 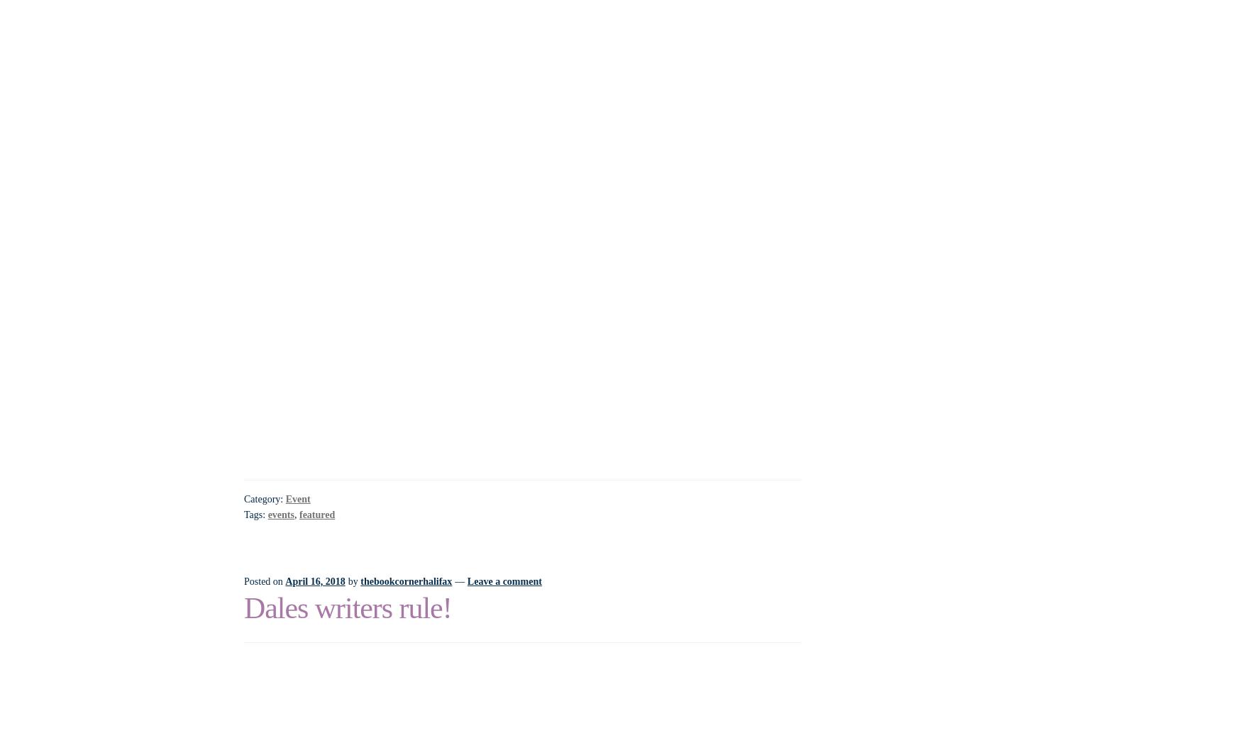 I want to click on 'Tags:', so click(x=243, y=515).